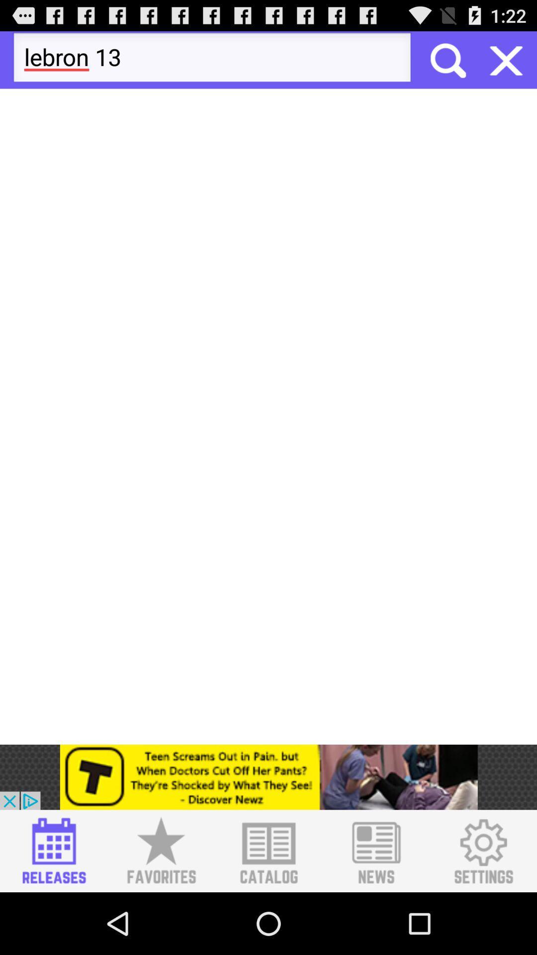  What do you see at coordinates (54, 911) in the screenshot?
I see `the date_range icon` at bounding box center [54, 911].